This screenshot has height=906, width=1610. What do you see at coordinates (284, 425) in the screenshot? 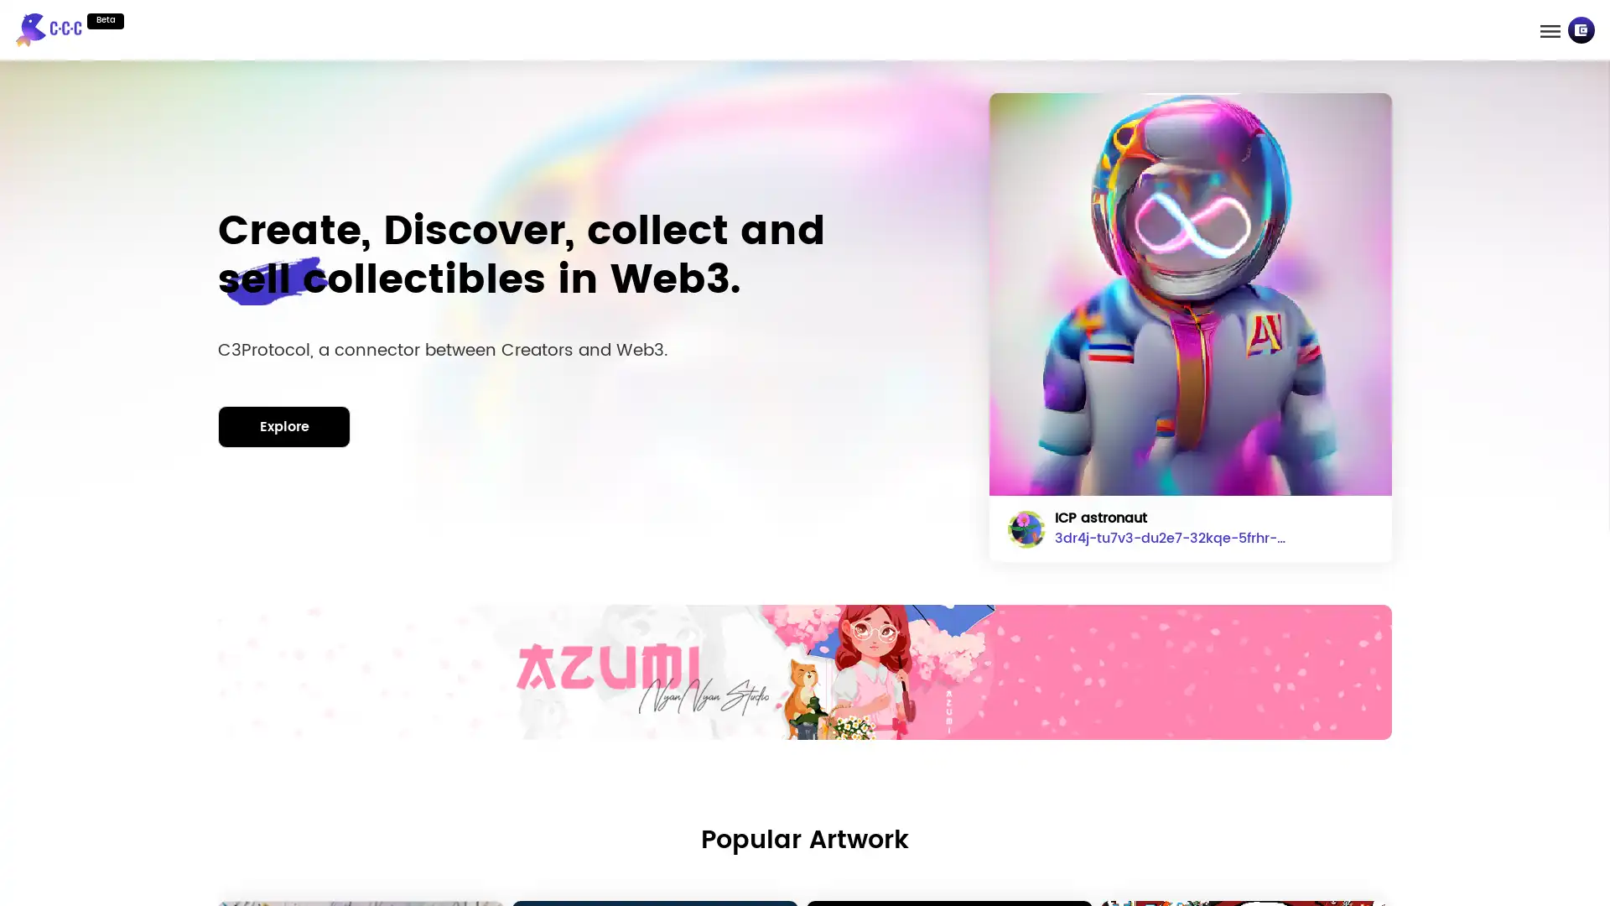
I see `Explore` at bounding box center [284, 425].